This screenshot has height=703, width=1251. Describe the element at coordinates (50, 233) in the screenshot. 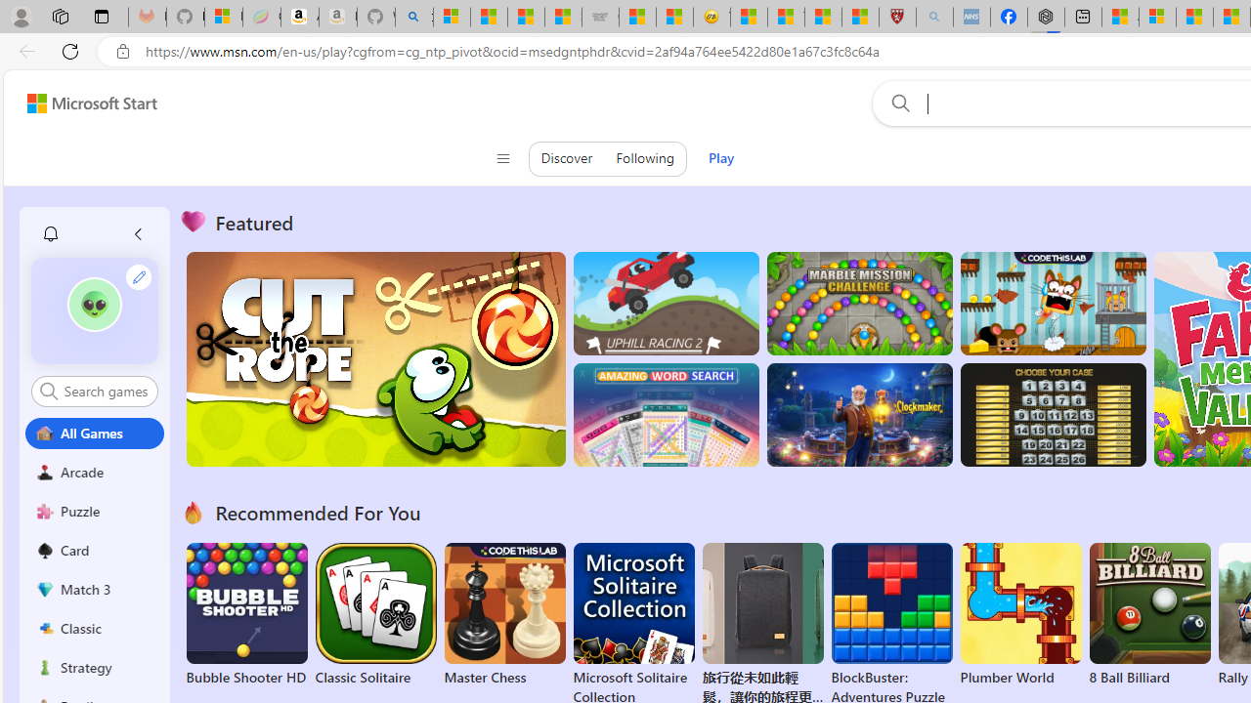

I see `'Class: notification-item'` at that location.